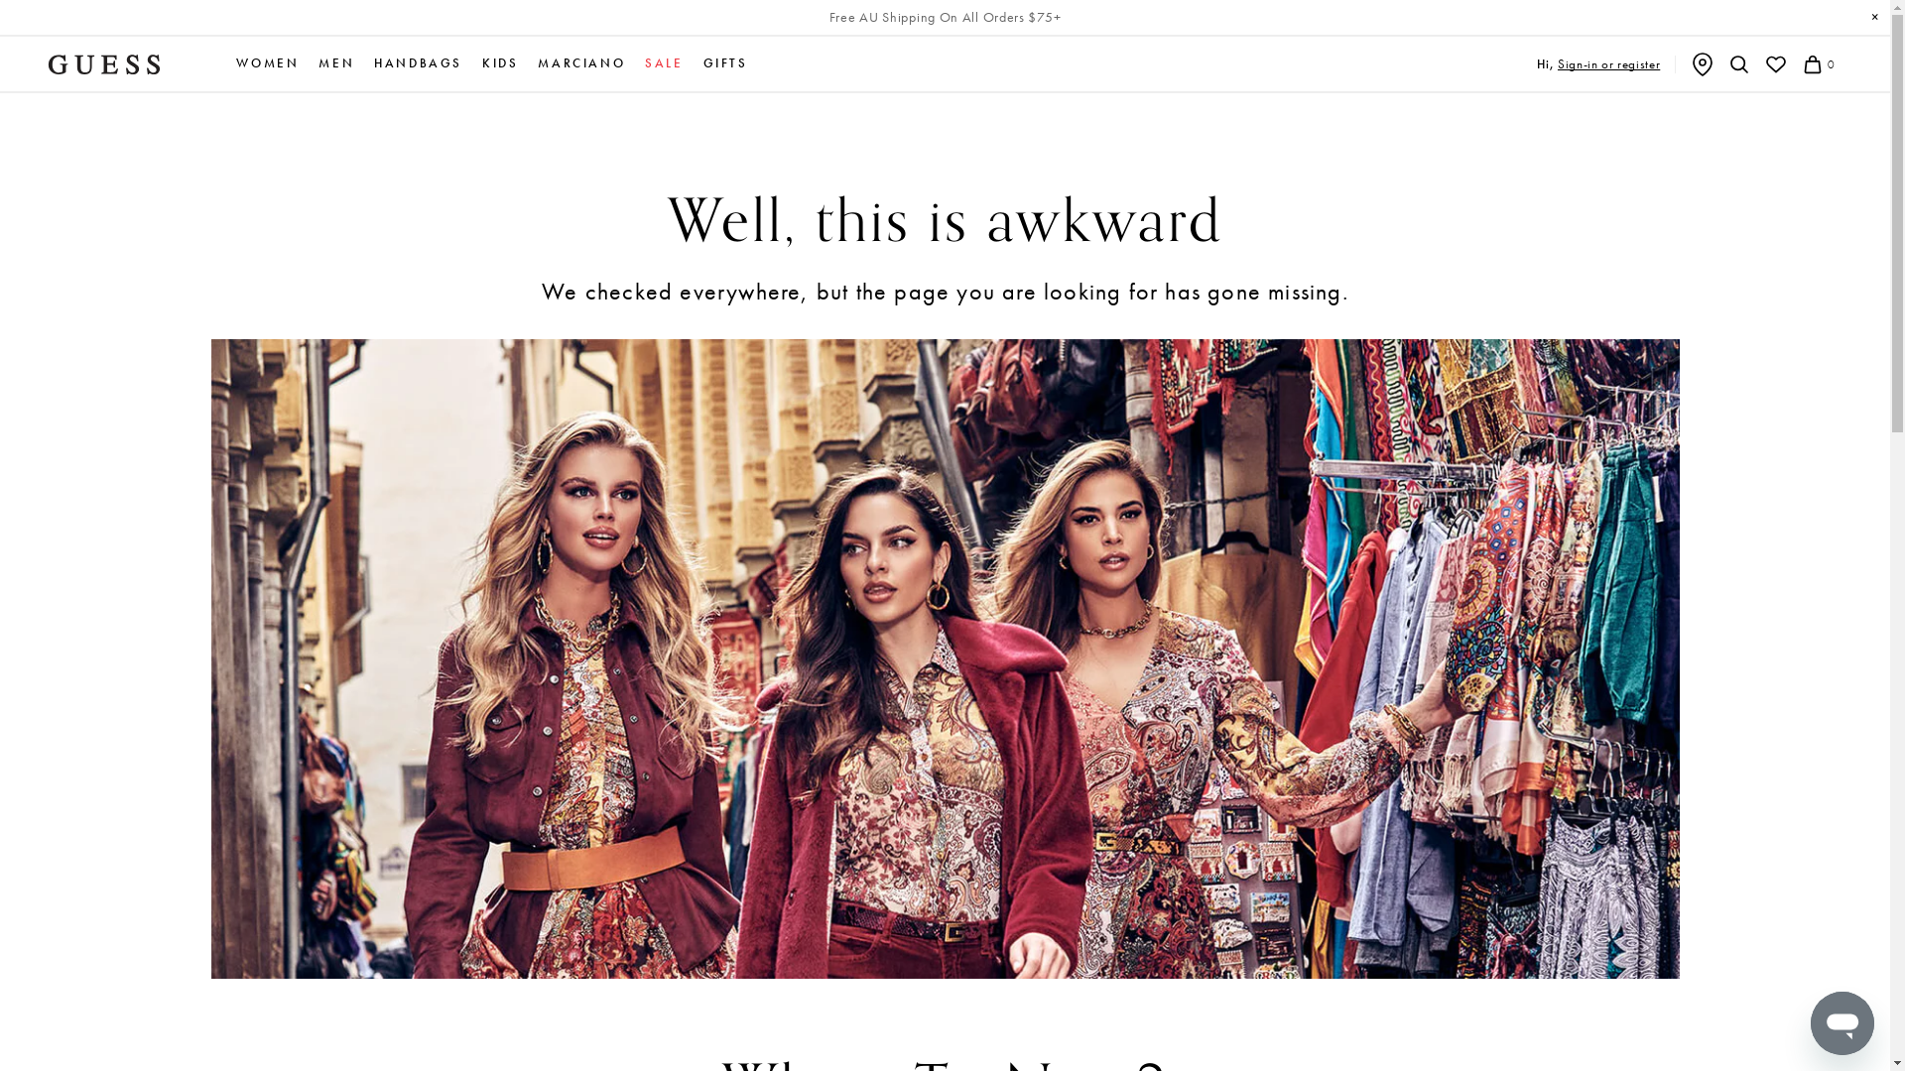 The height and width of the screenshot is (1071, 1905). What do you see at coordinates (20, 11) in the screenshot?
I see `'Submit'` at bounding box center [20, 11].